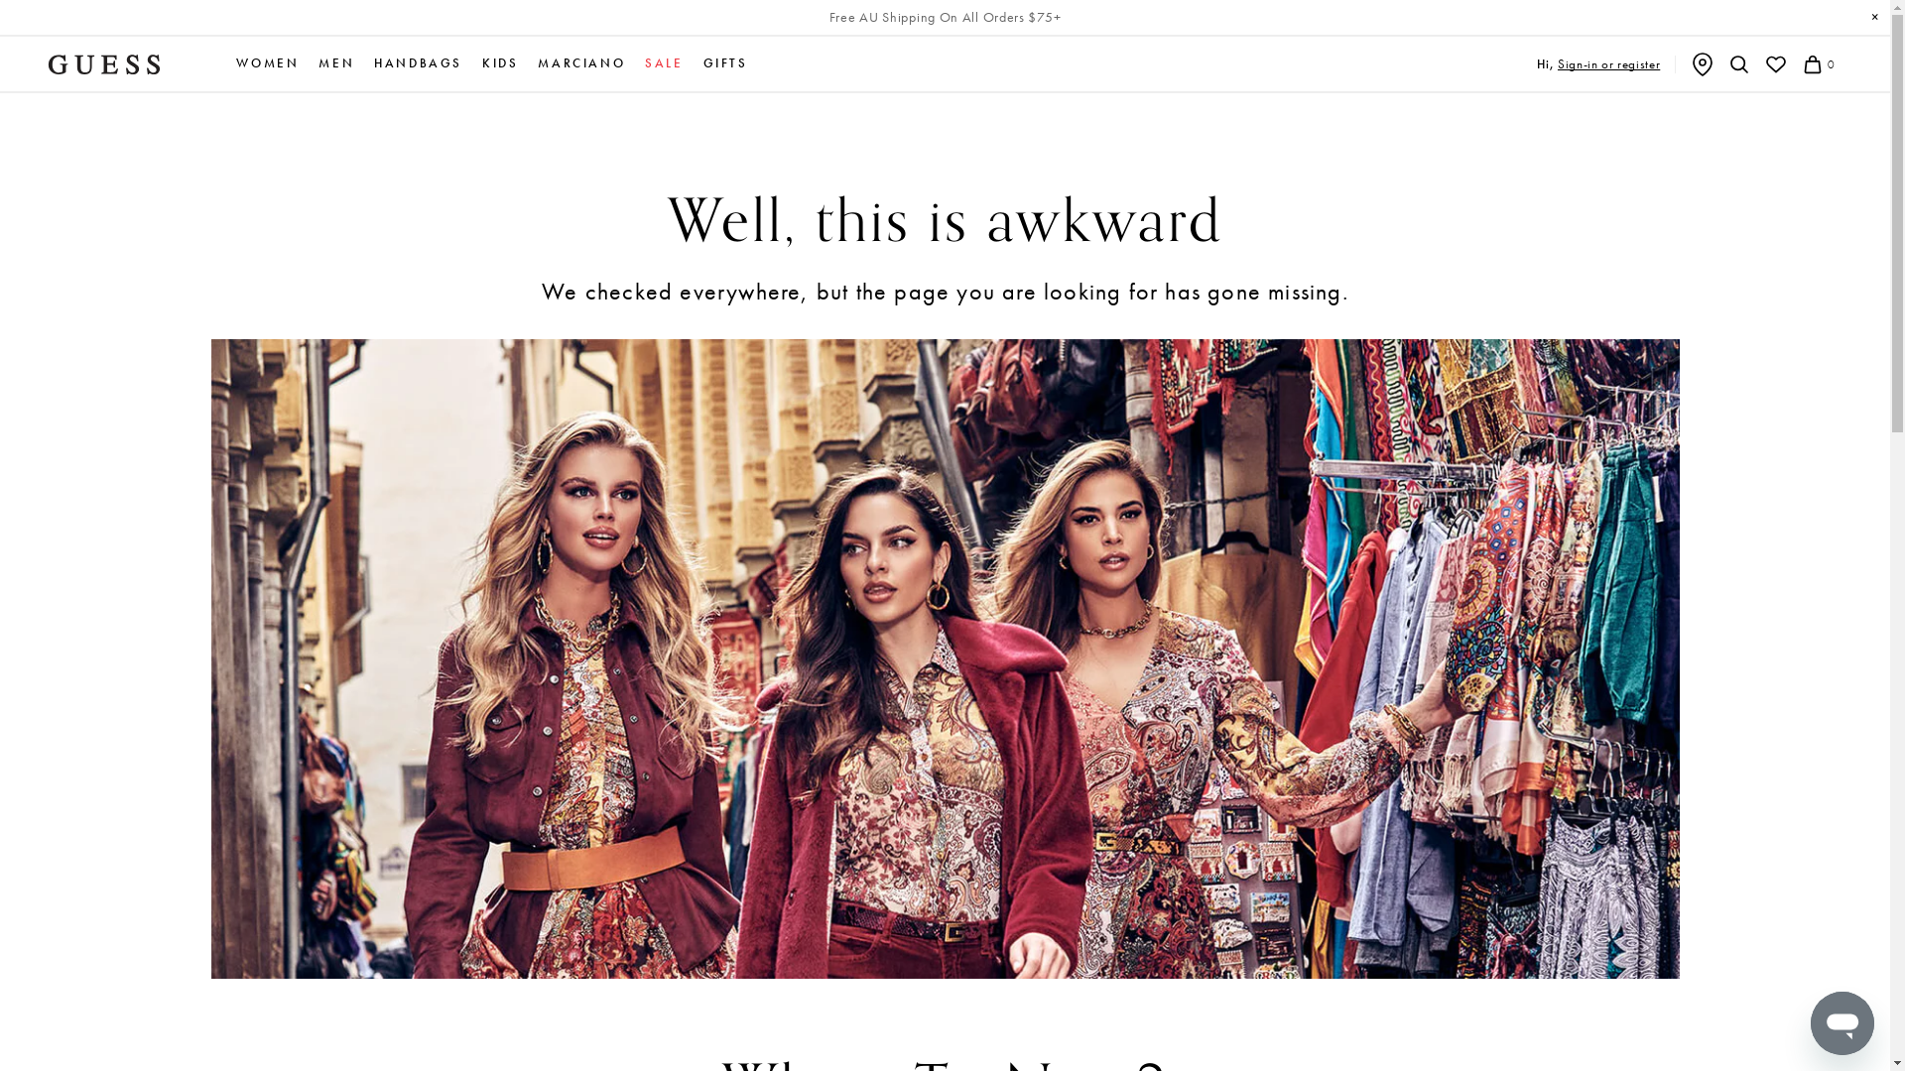 The height and width of the screenshot is (1071, 1905). What do you see at coordinates (20, 11) in the screenshot?
I see `'Submit'` at bounding box center [20, 11].